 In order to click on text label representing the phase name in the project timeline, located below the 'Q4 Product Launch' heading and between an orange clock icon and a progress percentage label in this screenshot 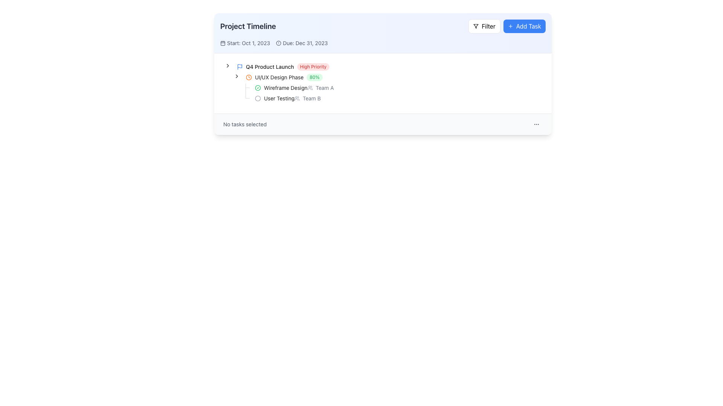, I will do `click(279, 77)`.